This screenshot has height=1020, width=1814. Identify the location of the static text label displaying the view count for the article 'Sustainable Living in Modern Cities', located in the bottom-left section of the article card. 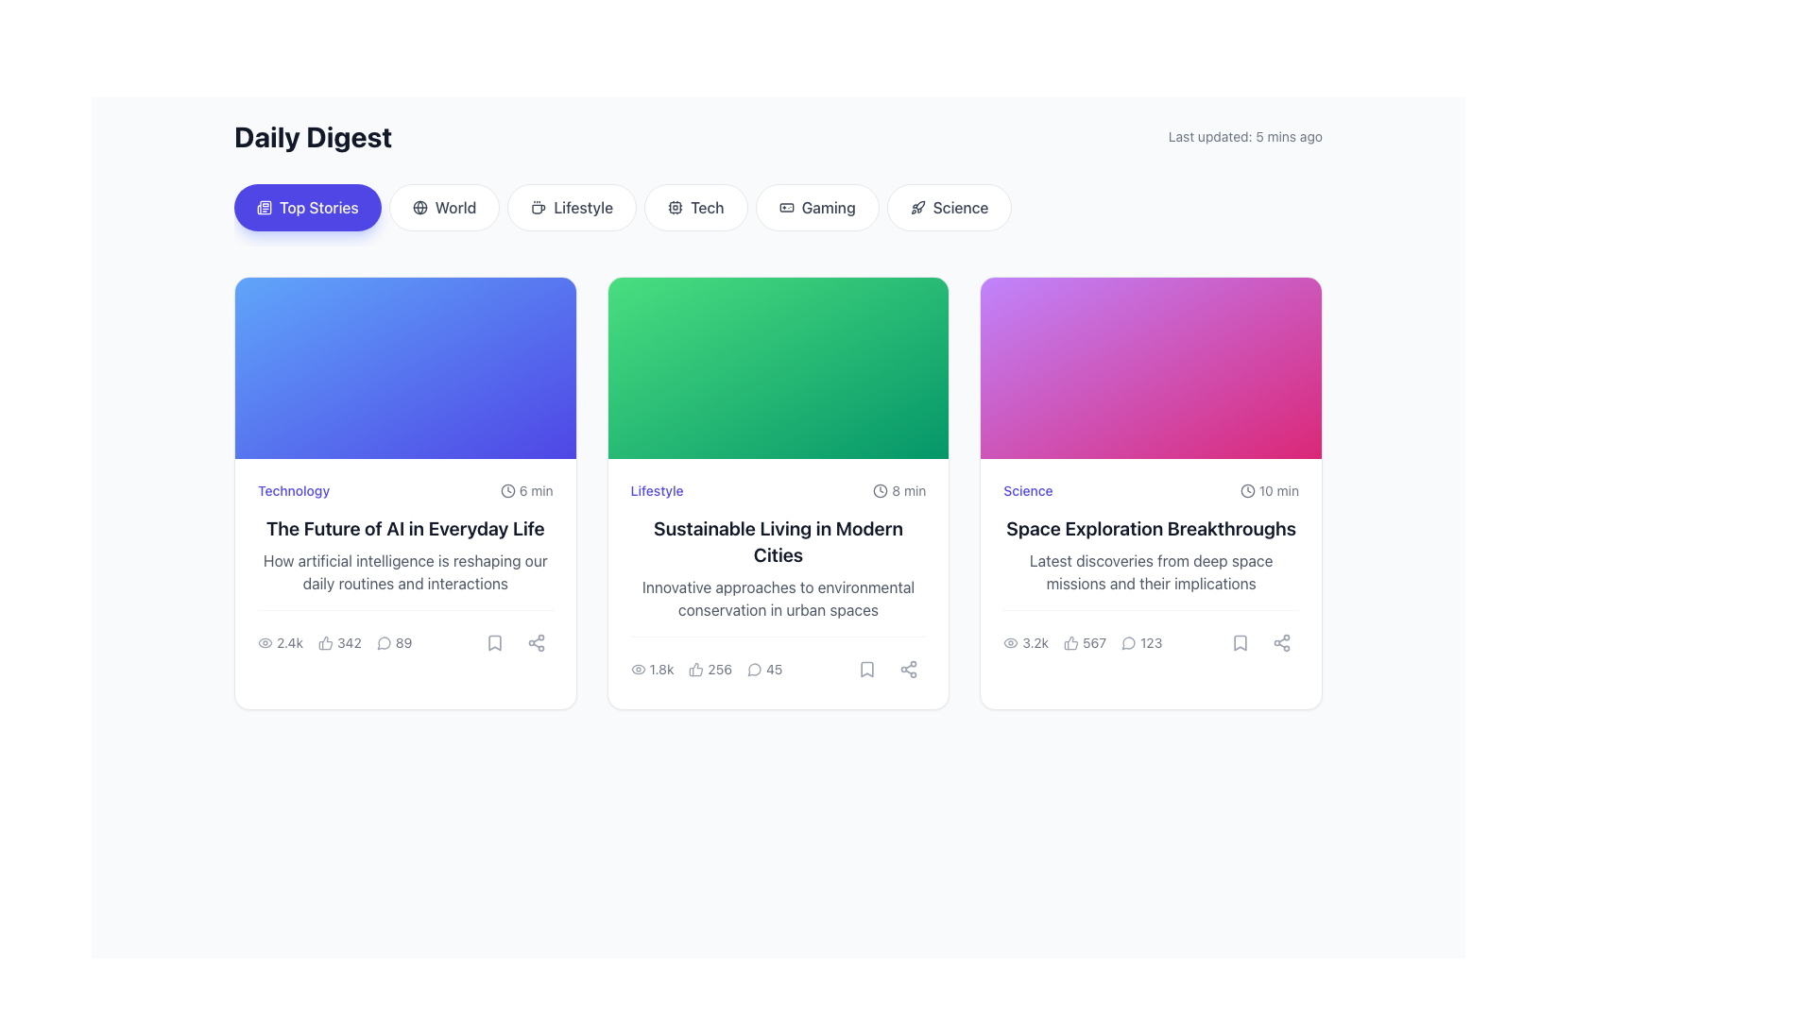
(661, 669).